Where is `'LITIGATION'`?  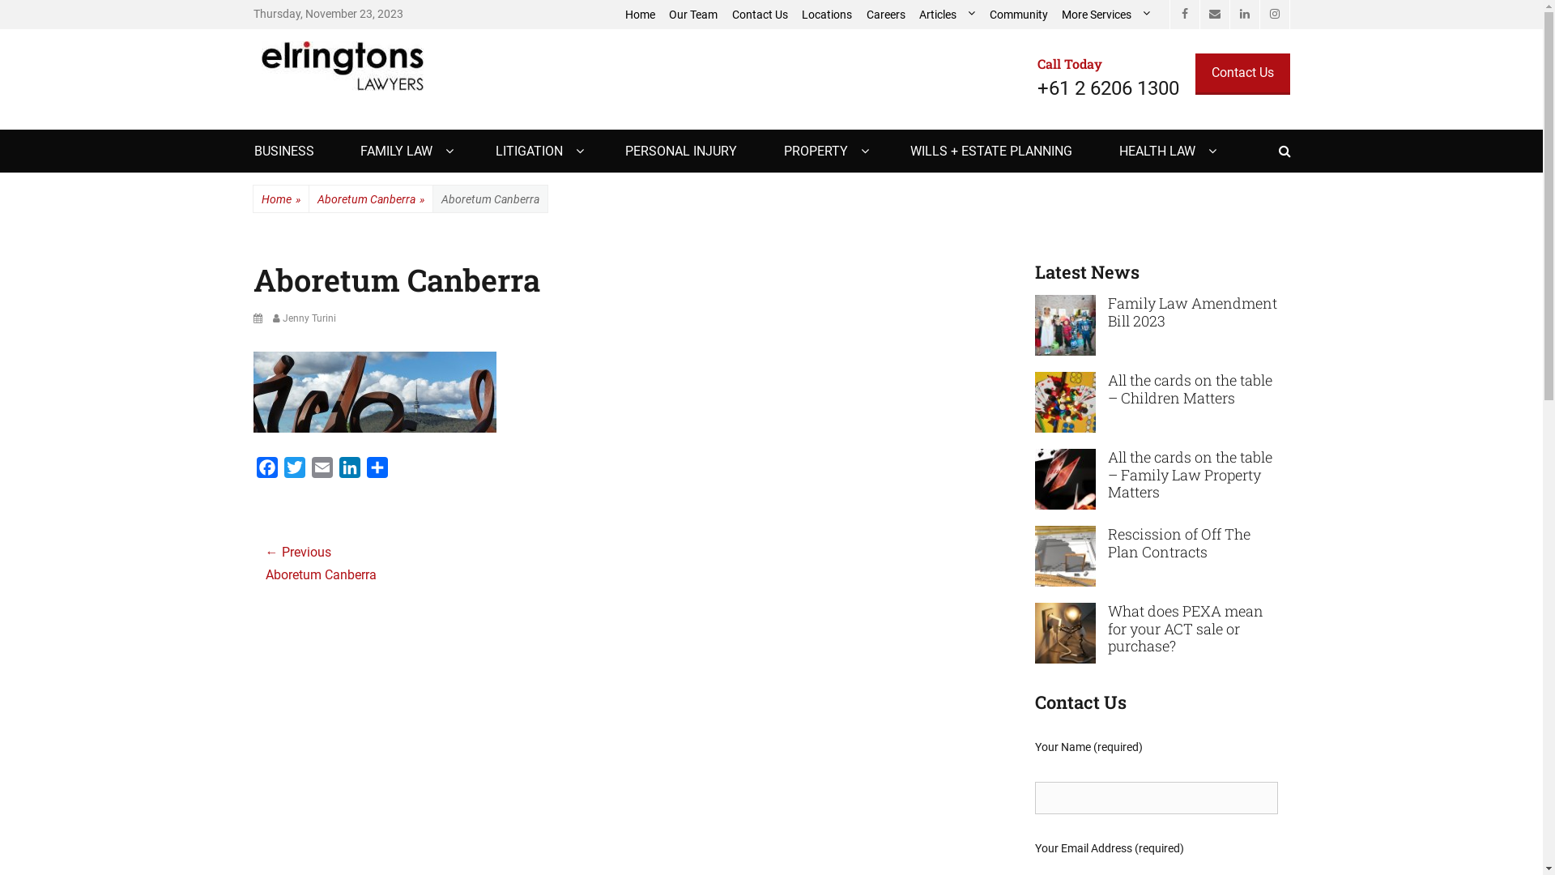 'LITIGATION' is located at coordinates (537, 151).